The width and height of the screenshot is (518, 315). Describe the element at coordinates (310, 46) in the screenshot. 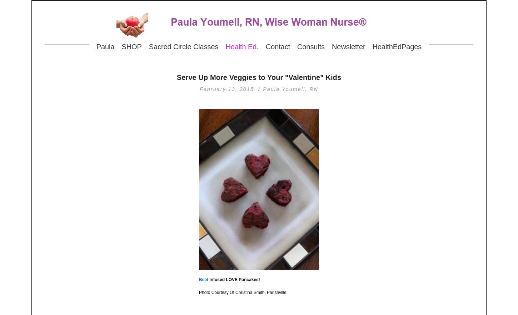

I see `'Consults'` at that location.